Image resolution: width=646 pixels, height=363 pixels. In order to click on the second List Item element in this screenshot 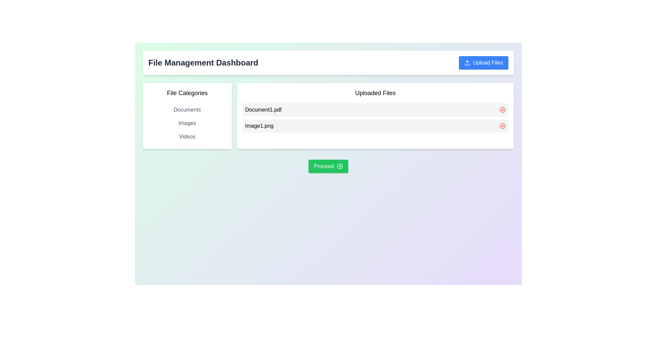, I will do `click(375, 126)`.